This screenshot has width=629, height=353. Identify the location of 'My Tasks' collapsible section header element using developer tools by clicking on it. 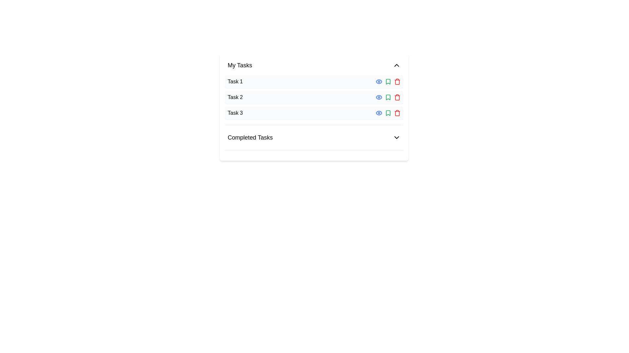
(314, 65).